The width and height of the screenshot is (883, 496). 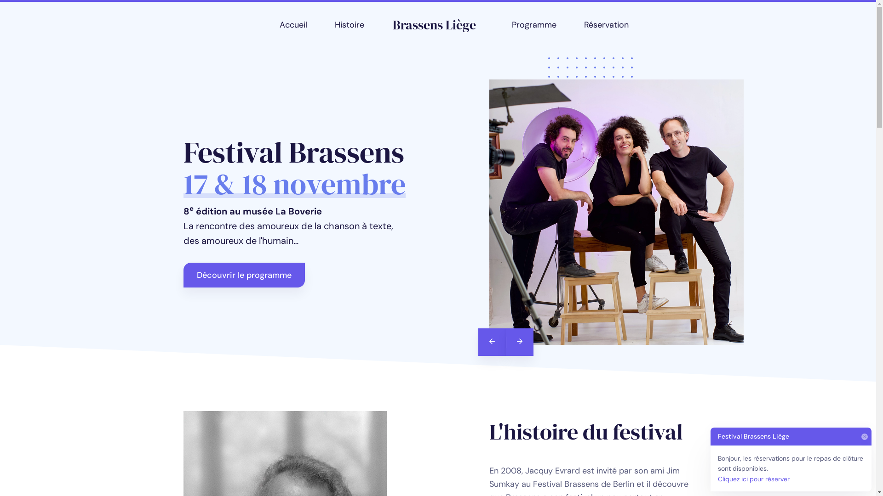 What do you see at coordinates (293, 24) in the screenshot?
I see `'Accueil'` at bounding box center [293, 24].